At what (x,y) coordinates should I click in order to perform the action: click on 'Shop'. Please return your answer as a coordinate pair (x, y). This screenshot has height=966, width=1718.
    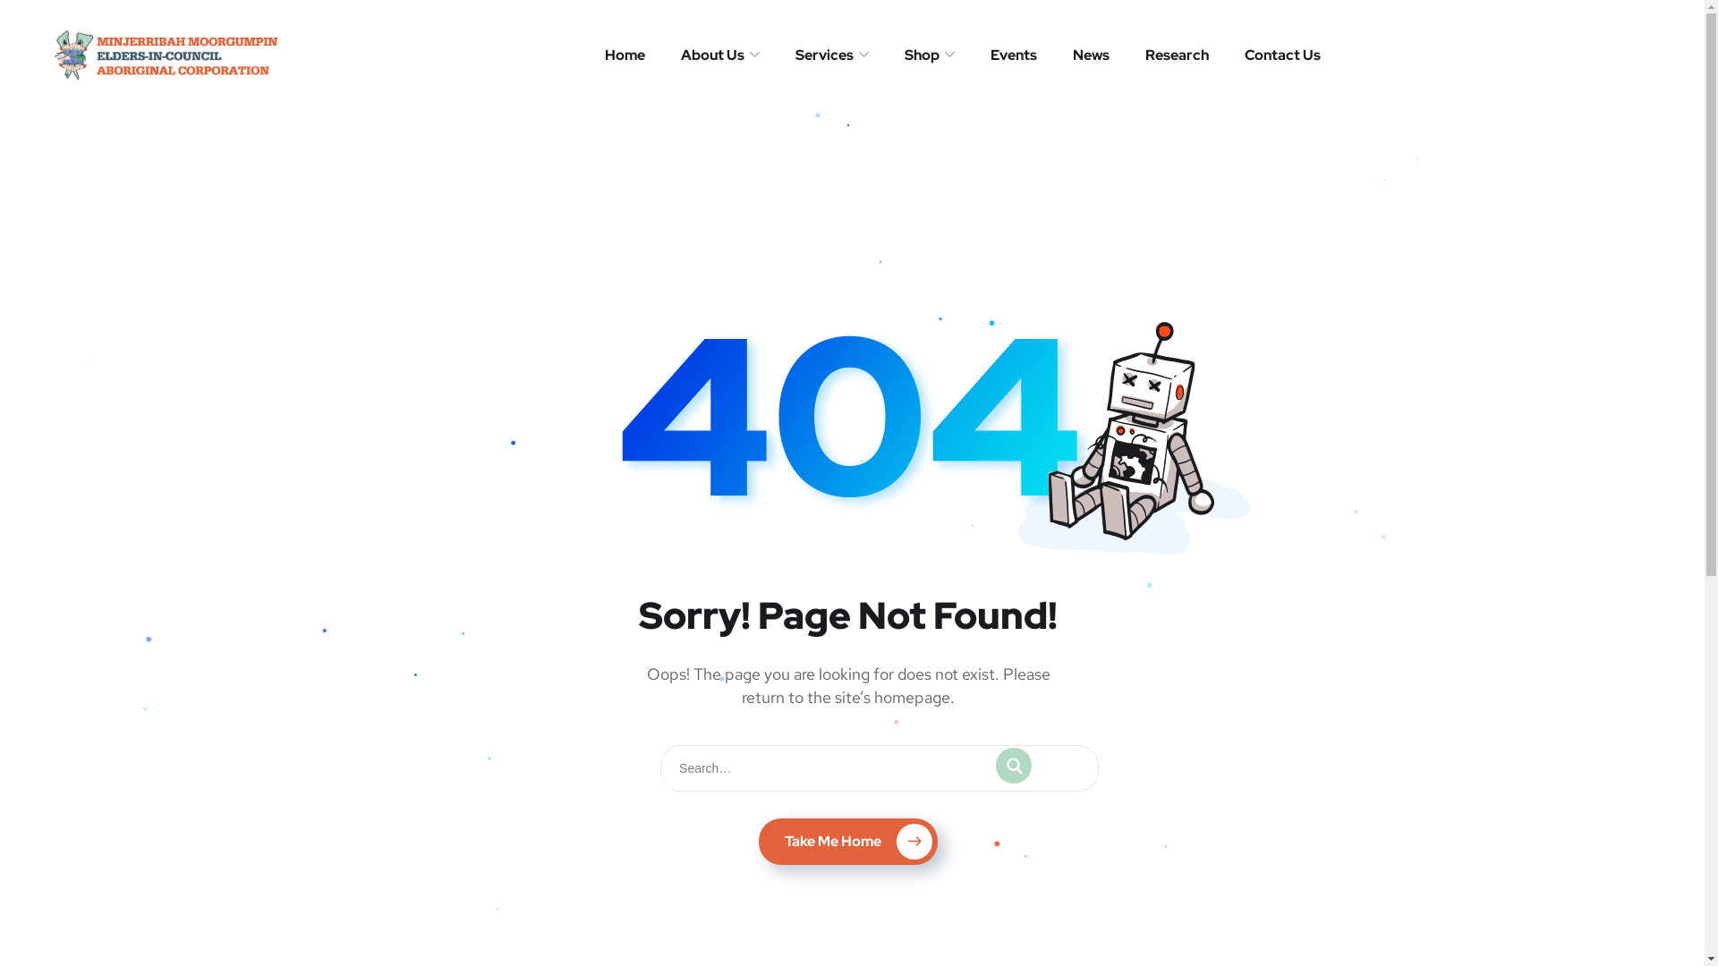
    Looking at the image, I should click on (929, 54).